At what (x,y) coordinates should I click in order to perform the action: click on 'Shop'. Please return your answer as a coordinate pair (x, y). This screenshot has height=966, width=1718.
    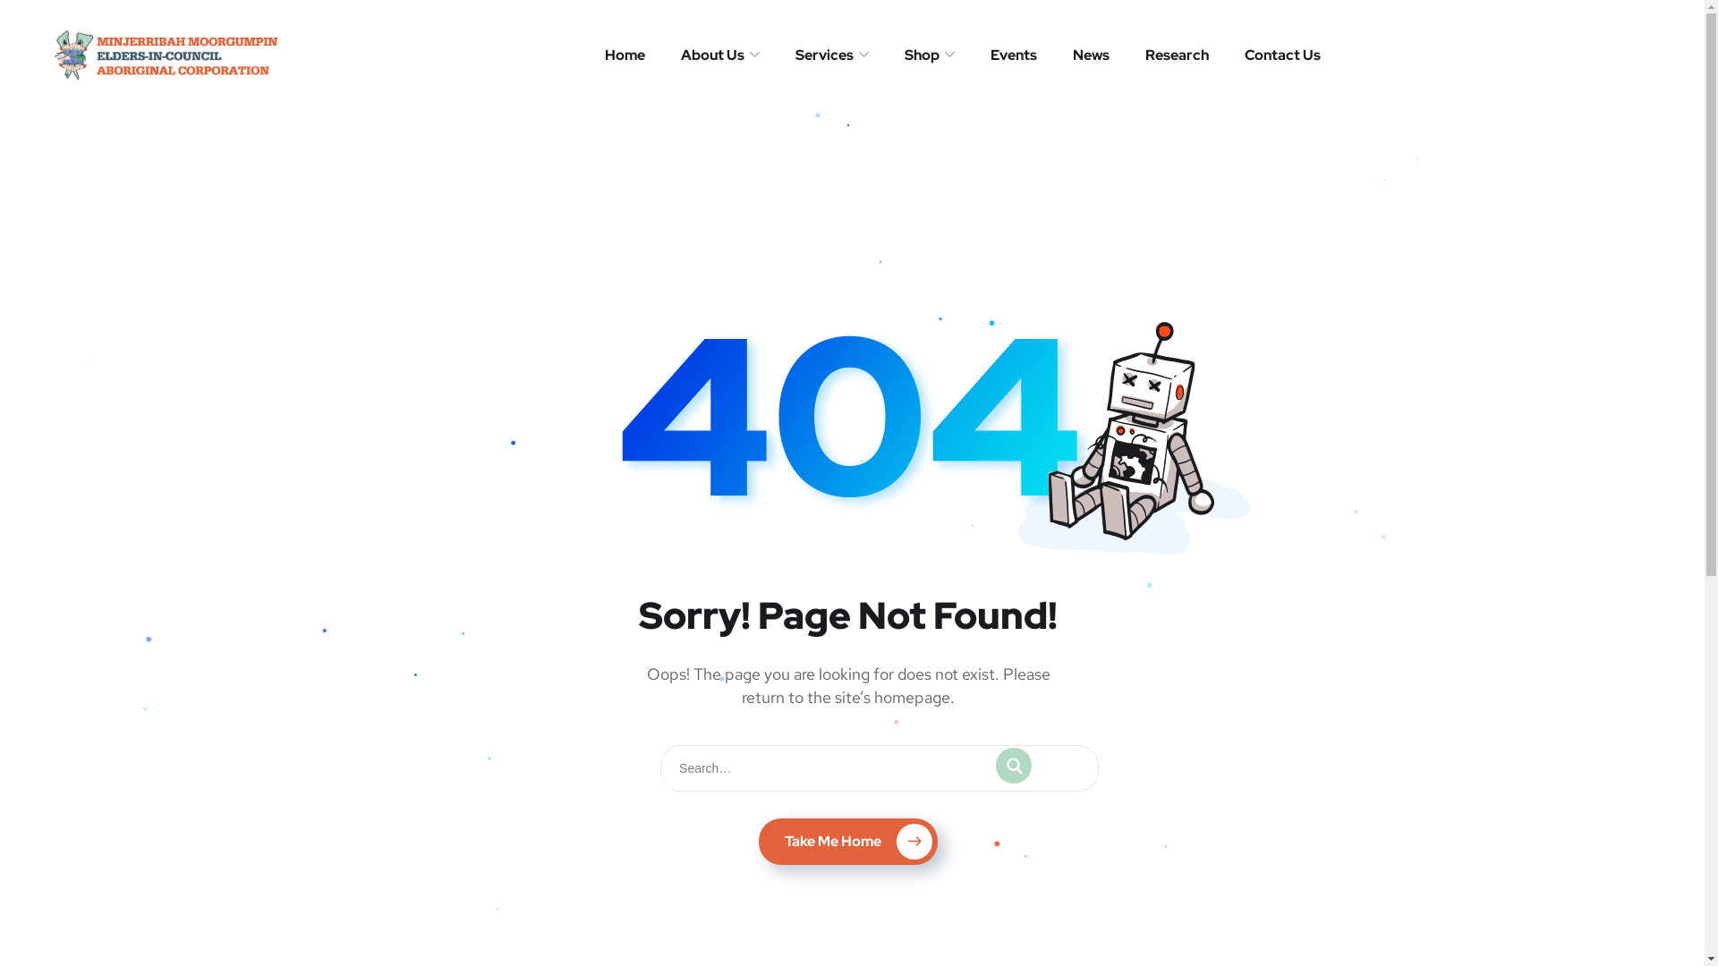
    Looking at the image, I should click on (929, 54).